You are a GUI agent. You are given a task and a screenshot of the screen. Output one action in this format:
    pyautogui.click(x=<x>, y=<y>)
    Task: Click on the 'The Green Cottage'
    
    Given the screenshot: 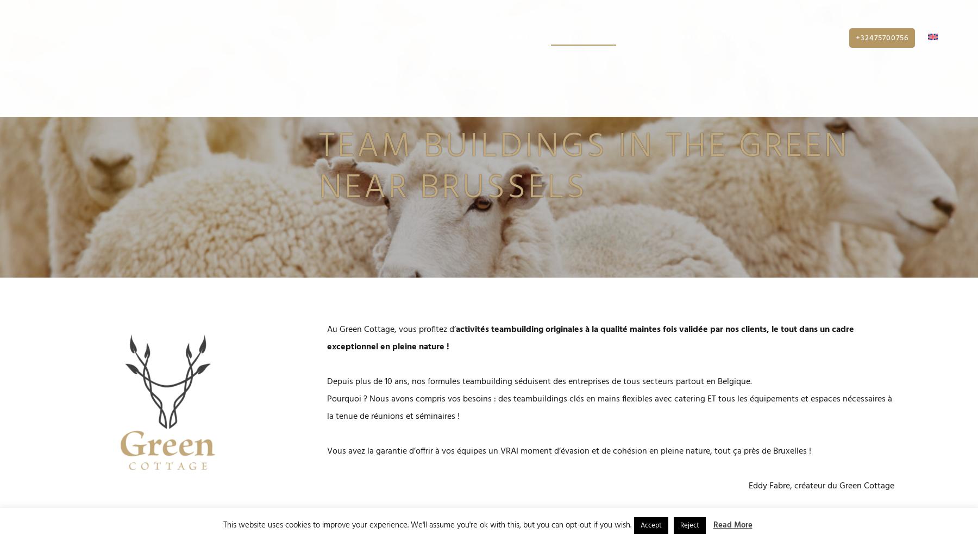 What is the action you would take?
    pyautogui.click(x=427, y=43)
    